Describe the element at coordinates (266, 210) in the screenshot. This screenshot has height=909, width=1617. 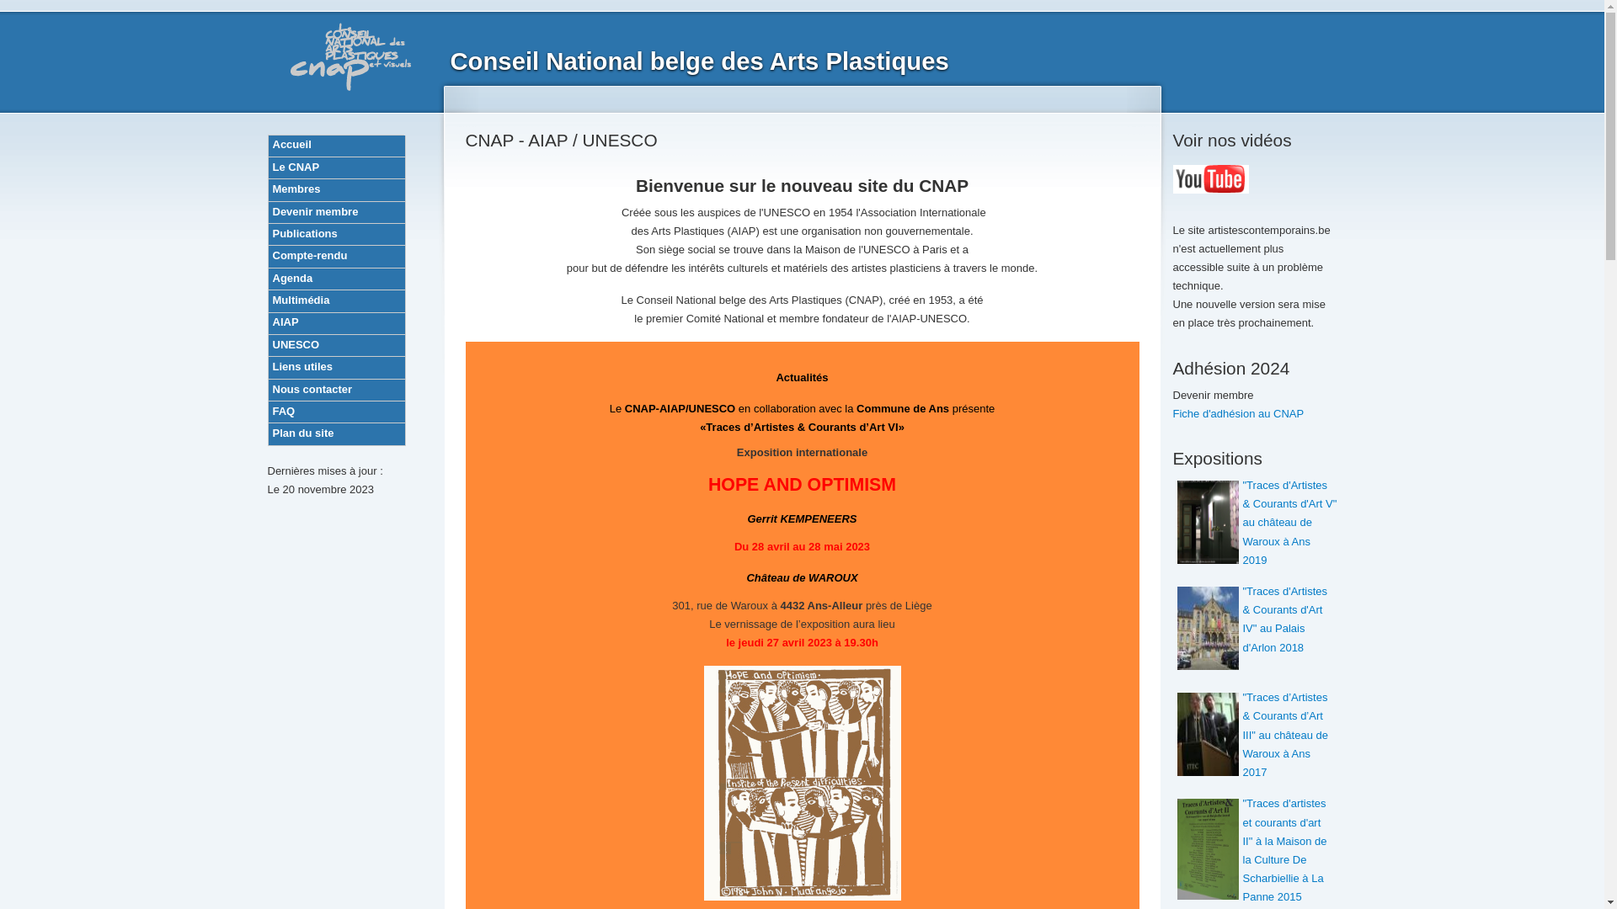
I see `'Devenir membre'` at that location.